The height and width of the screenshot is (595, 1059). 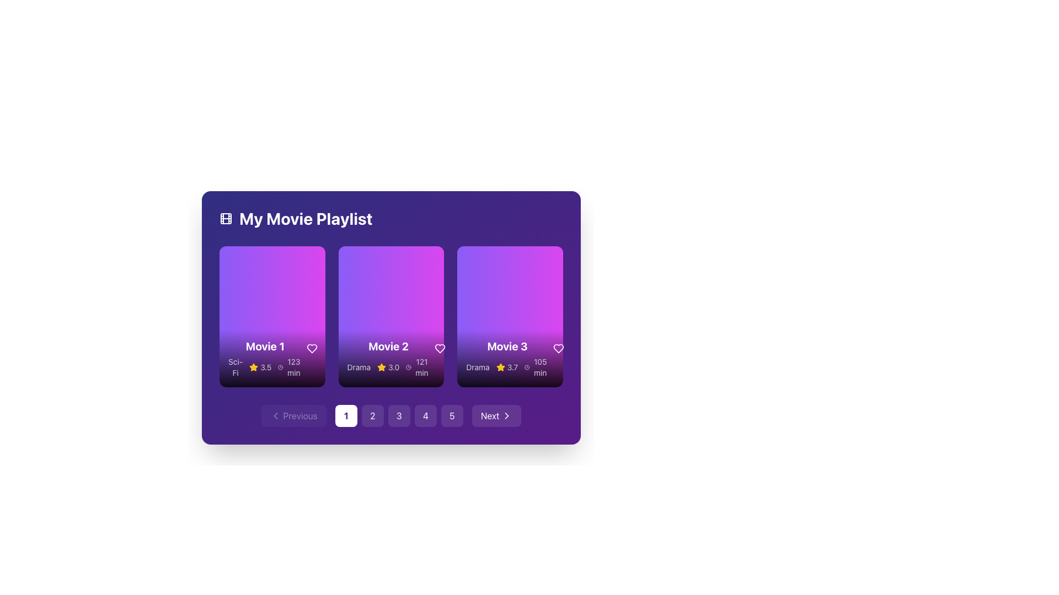 I want to click on the heart-shaped icon outlined in white located in the top-right corner of the 'Movie 2' card to like or unlike the movie, so click(x=439, y=348).